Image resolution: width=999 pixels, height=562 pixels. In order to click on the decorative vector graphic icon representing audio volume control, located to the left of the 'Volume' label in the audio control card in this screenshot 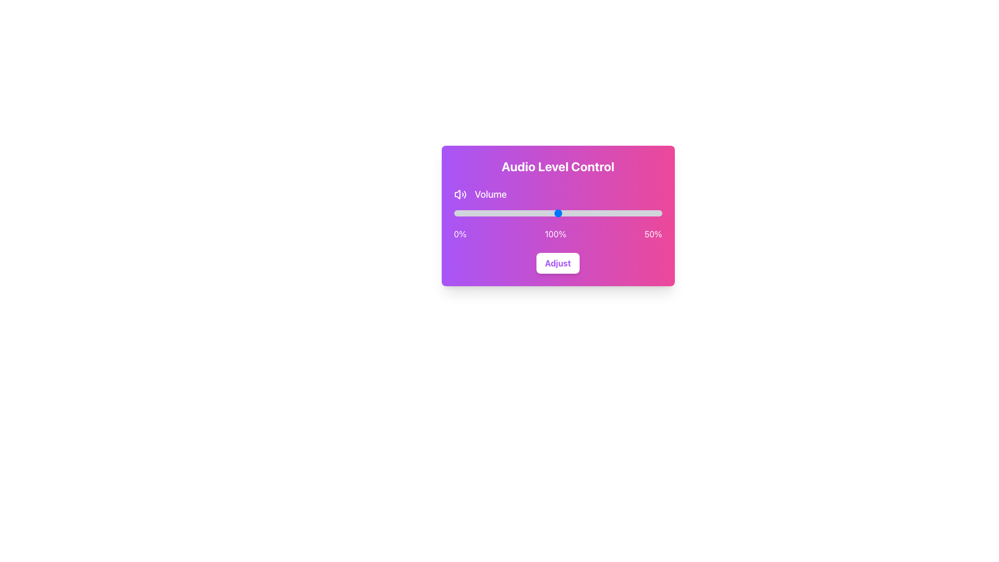, I will do `click(457, 195)`.